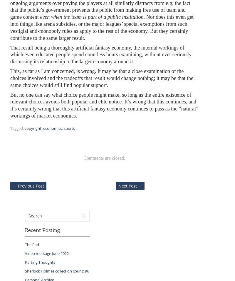 The width and height of the screenshot is (235, 281). Describe the element at coordinates (102, 78) in the screenshot. I see `'This, as far as I am concerned, is wrong. It may be that a close examination of the choices involved and the tradeoffs that result would change nothing; it may be that the same choices would still find popular support.'` at that location.